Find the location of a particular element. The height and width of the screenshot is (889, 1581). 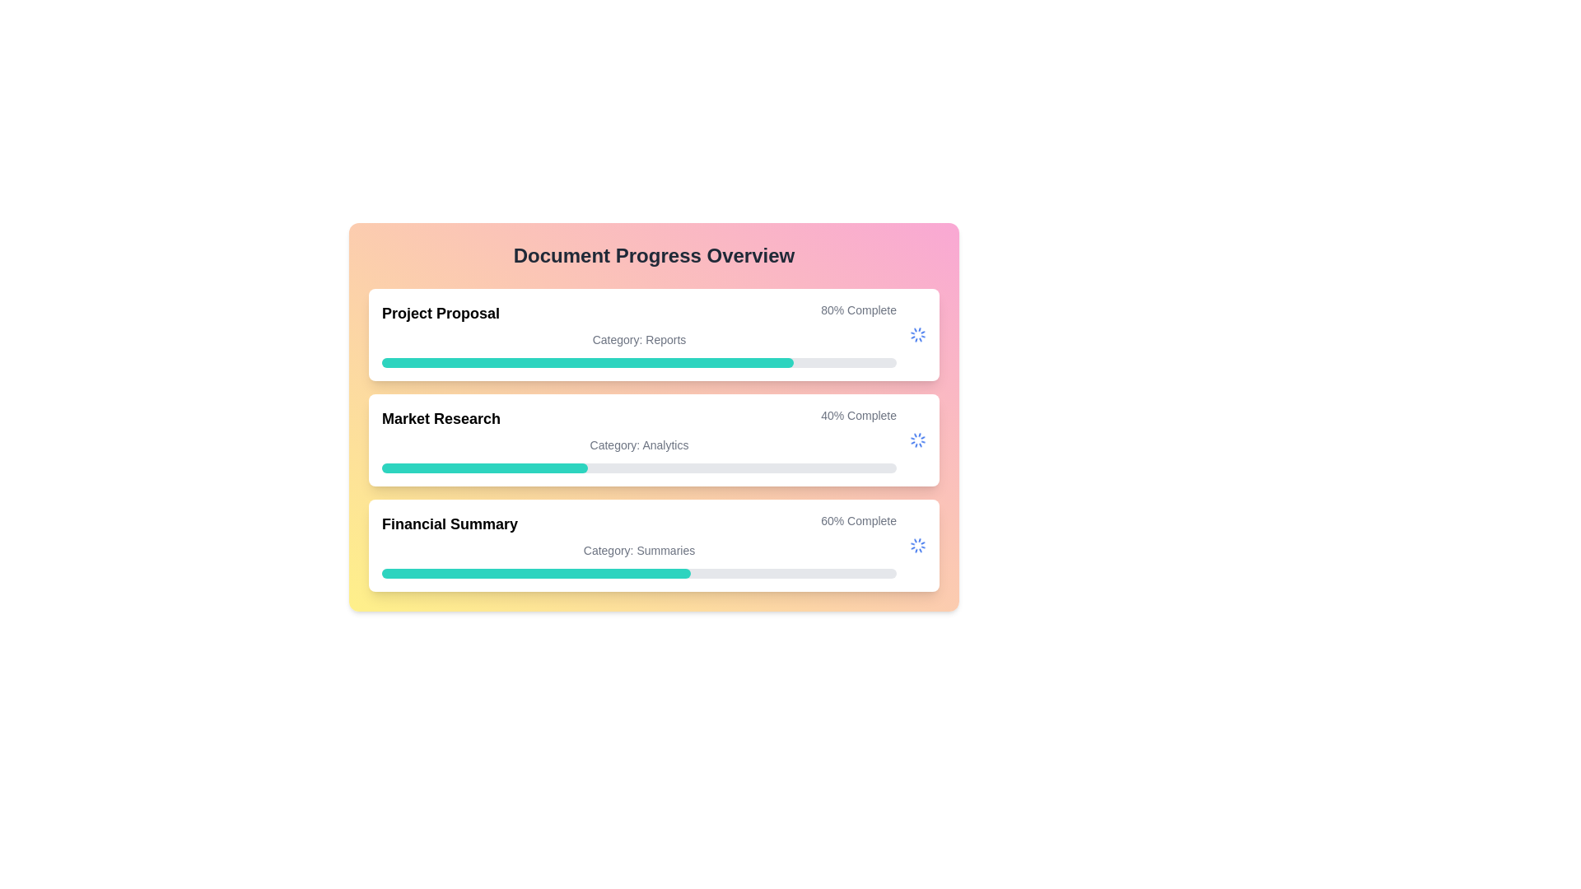

the text label that states '40% Complete', which is styled in gray and located to the right of the 'Market Research' title within the progress card under 'Analytics' is located at coordinates (858, 418).